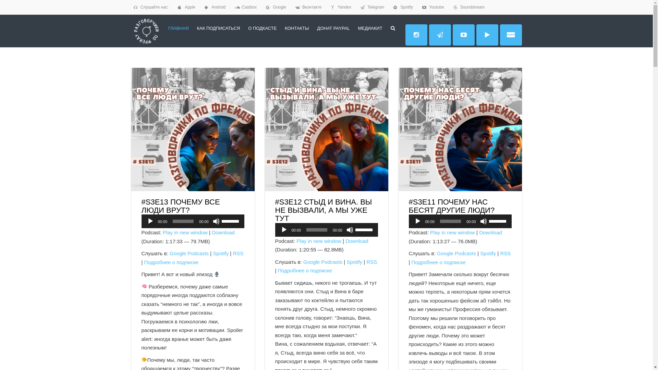 This screenshot has height=370, width=658. I want to click on 'Google', so click(279, 7).